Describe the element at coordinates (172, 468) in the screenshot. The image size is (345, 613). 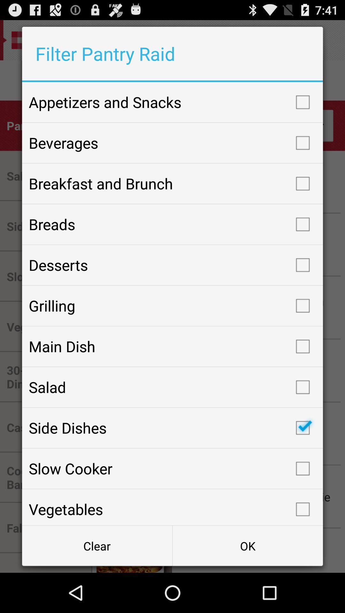
I see `the slow cooker` at that location.